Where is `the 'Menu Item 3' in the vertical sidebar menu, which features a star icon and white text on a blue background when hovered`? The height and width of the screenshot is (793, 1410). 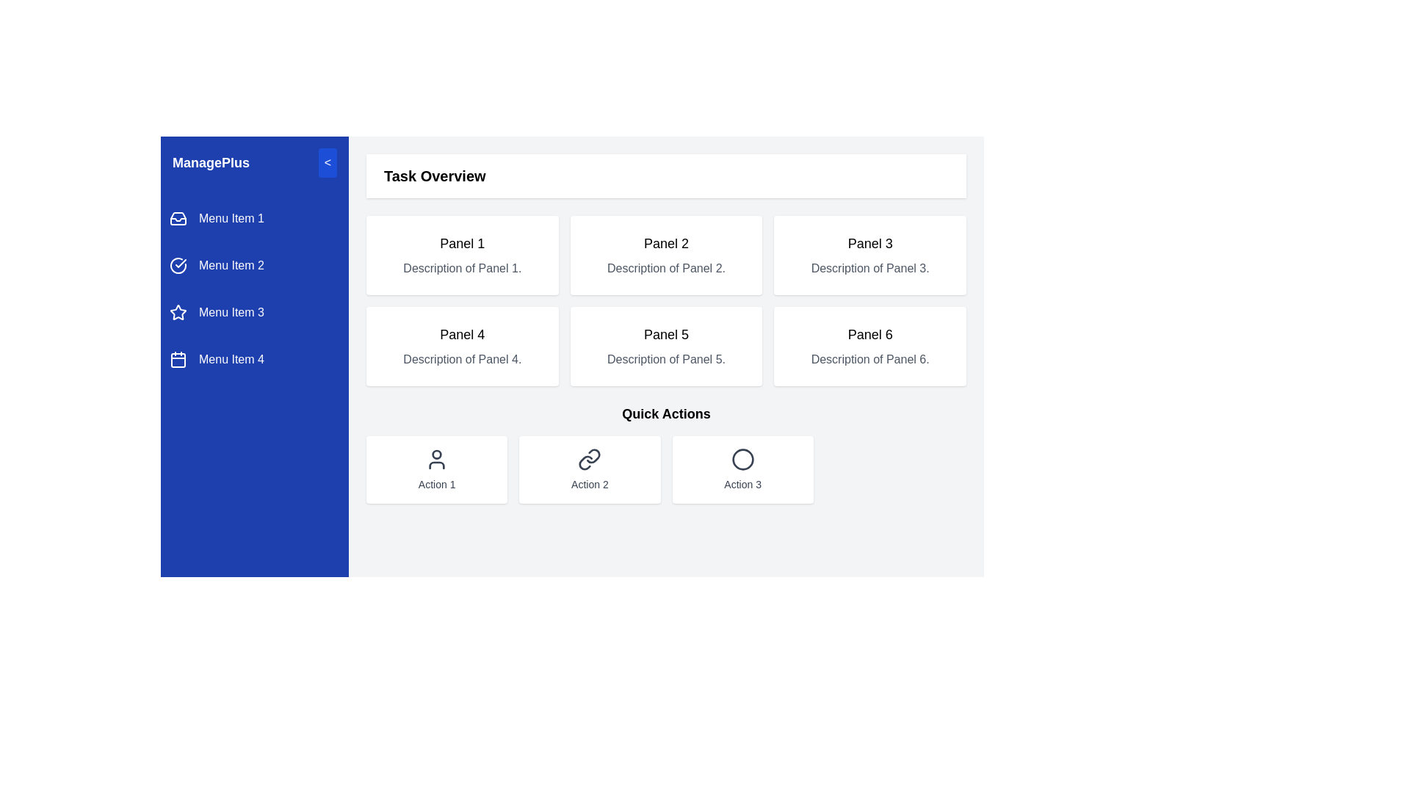 the 'Menu Item 3' in the vertical sidebar menu, which features a star icon and white text on a blue background when hovered is located at coordinates (254, 311).